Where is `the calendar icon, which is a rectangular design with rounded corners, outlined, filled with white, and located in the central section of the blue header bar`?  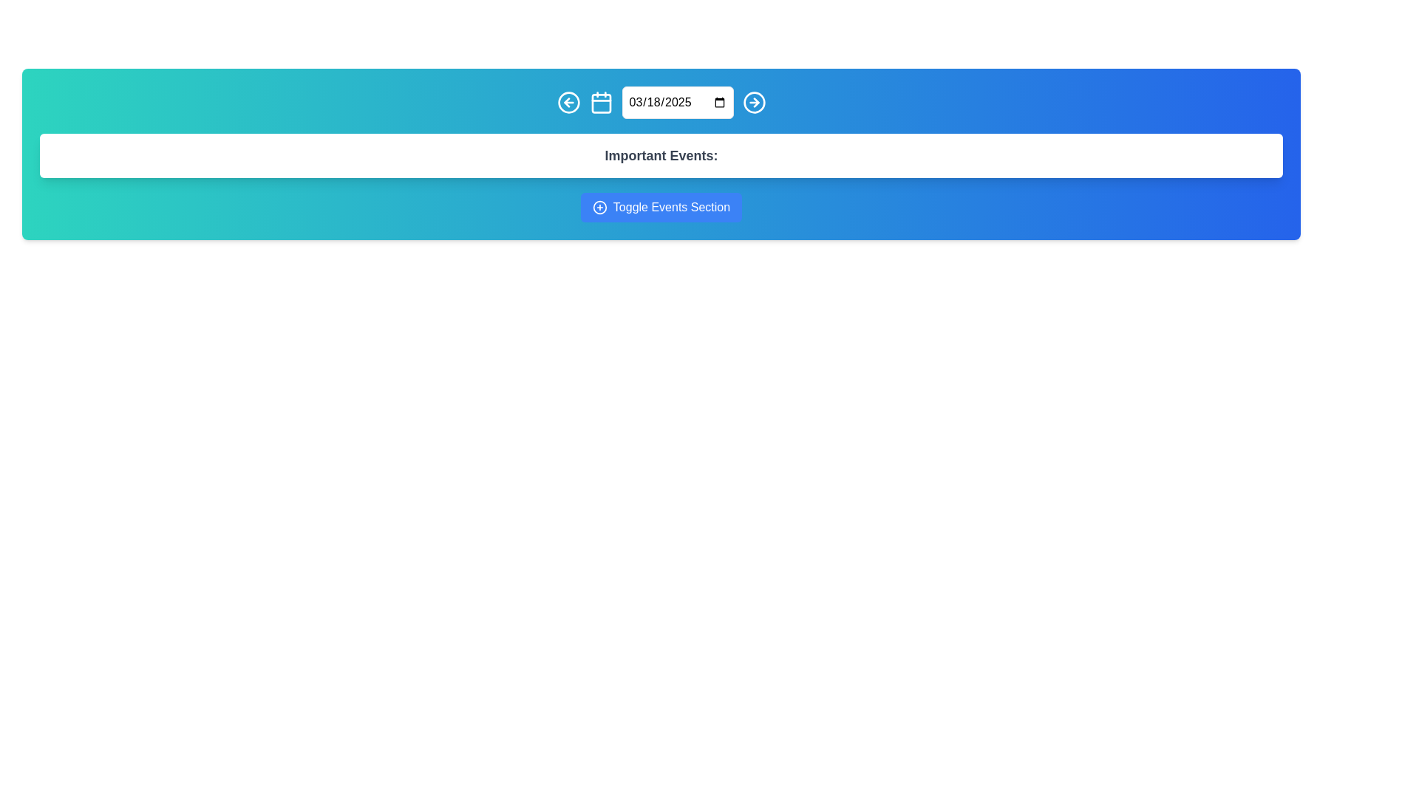
the calendar icon, which is a rectangular design with rounded corners, outlined, filled with white, and located in the central section of the blue header bar is located at coordinates (601, 101).